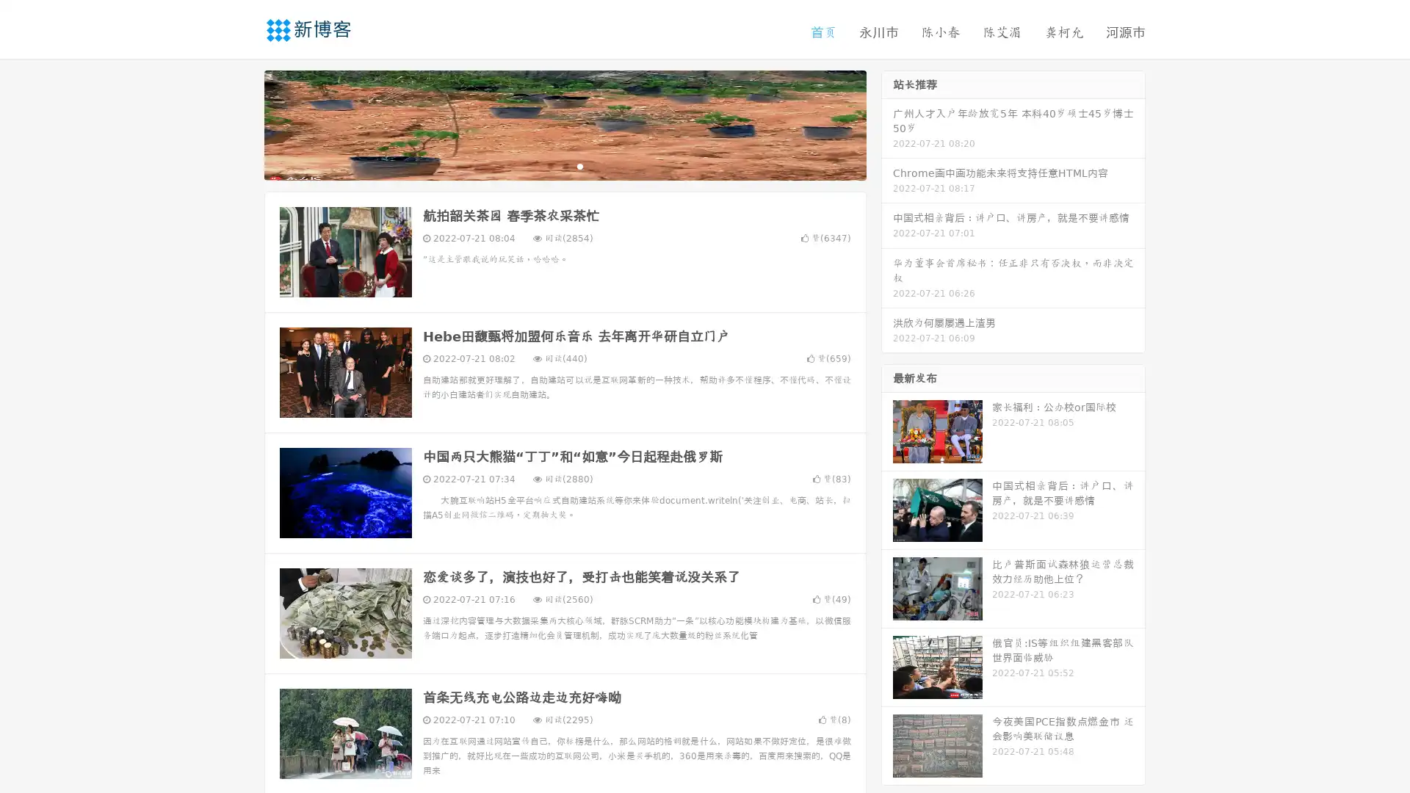  Describe the element at coordinates (549, 165) in the screenshot. I see `Go to slide 1` at that location.